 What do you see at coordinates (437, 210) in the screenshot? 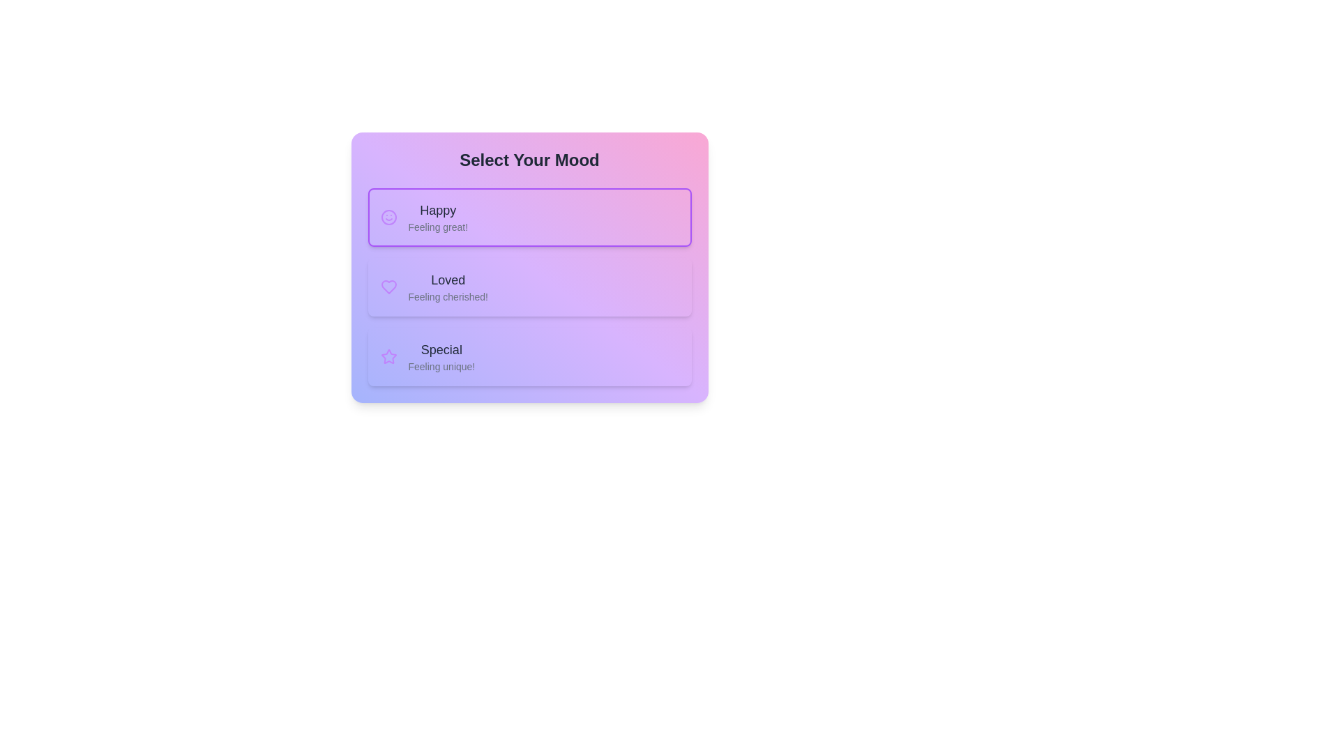
I see `the text label 'Happy' which is bold and large, positioned at the top of the card element above the smaller text 'Feeling great!'` at bounding box center [437, 210].